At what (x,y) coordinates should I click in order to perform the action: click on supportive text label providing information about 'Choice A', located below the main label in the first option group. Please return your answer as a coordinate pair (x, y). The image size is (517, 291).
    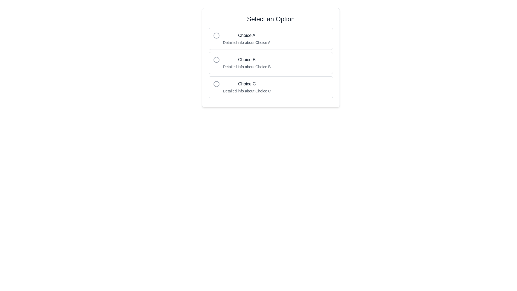
    Looking at the image, I should click on (246, 42).